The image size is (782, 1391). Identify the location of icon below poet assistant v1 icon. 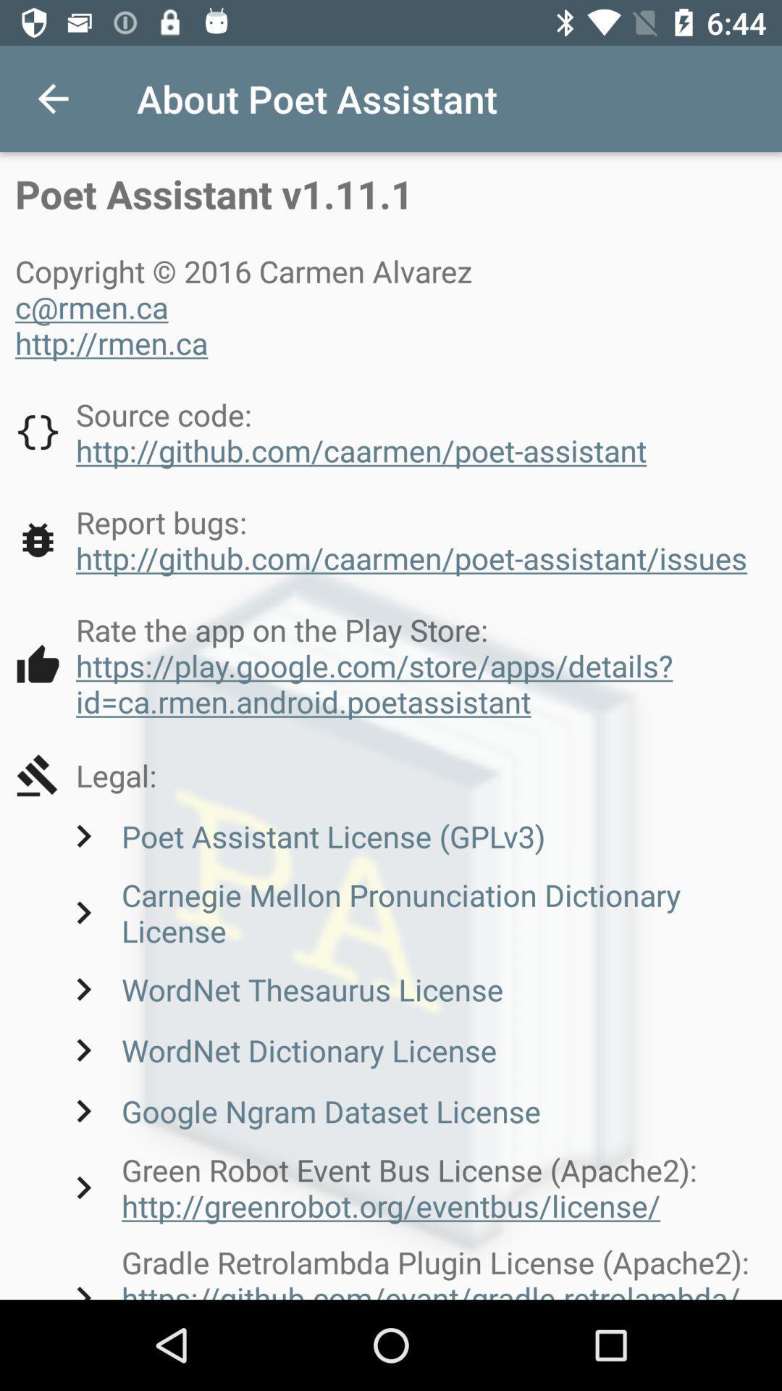
(248, 306).